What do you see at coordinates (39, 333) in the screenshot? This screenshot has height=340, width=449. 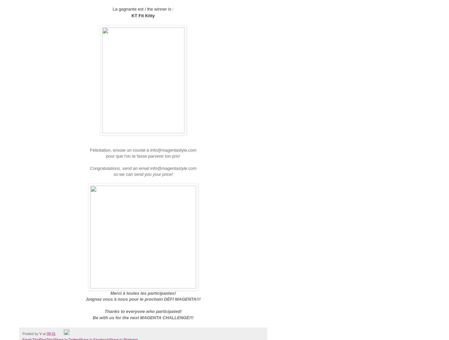 I see `'V'` at bounding box center [39, 333].